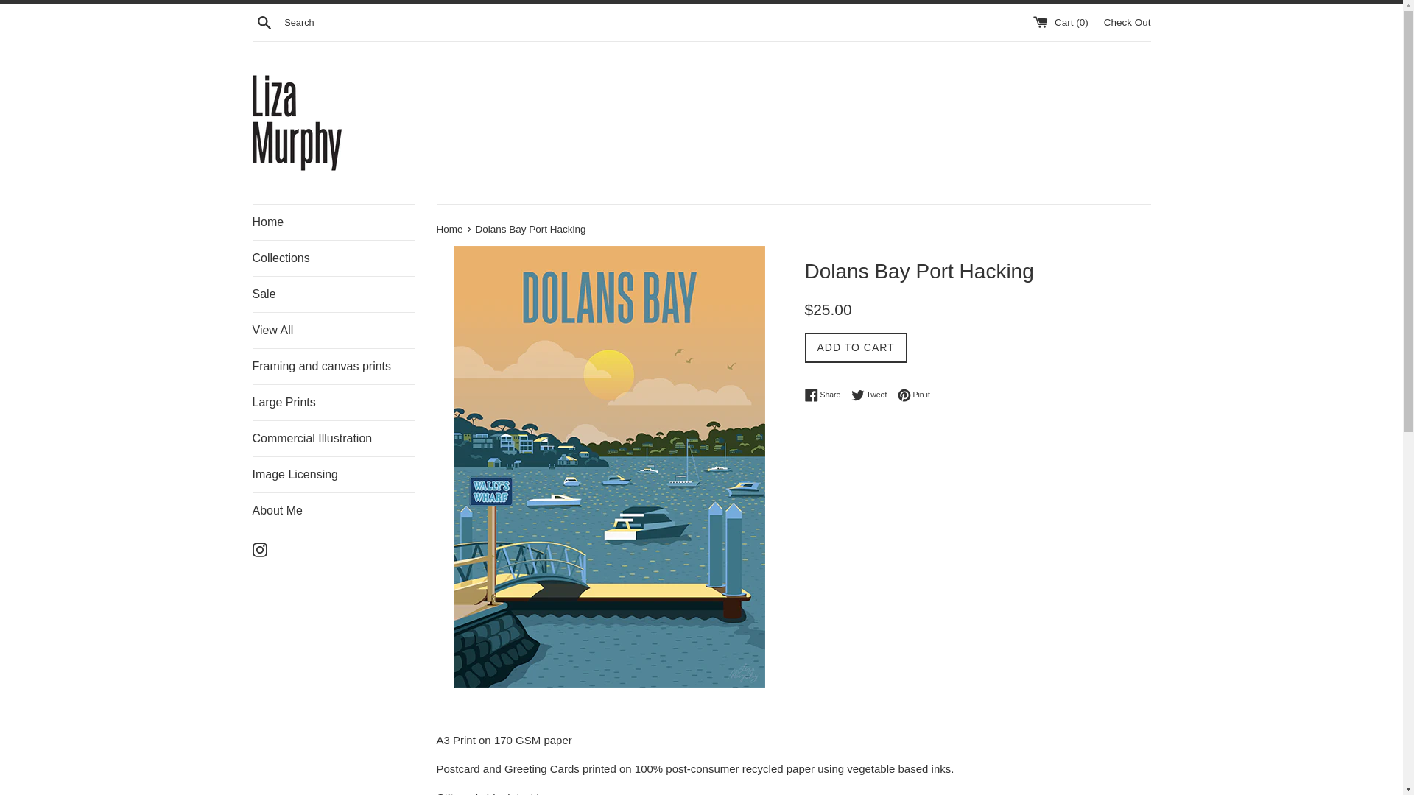 Image resolution: width=1414 pixels, height=795 pixels. I want to click on 'Pin it, so click(913, 394).